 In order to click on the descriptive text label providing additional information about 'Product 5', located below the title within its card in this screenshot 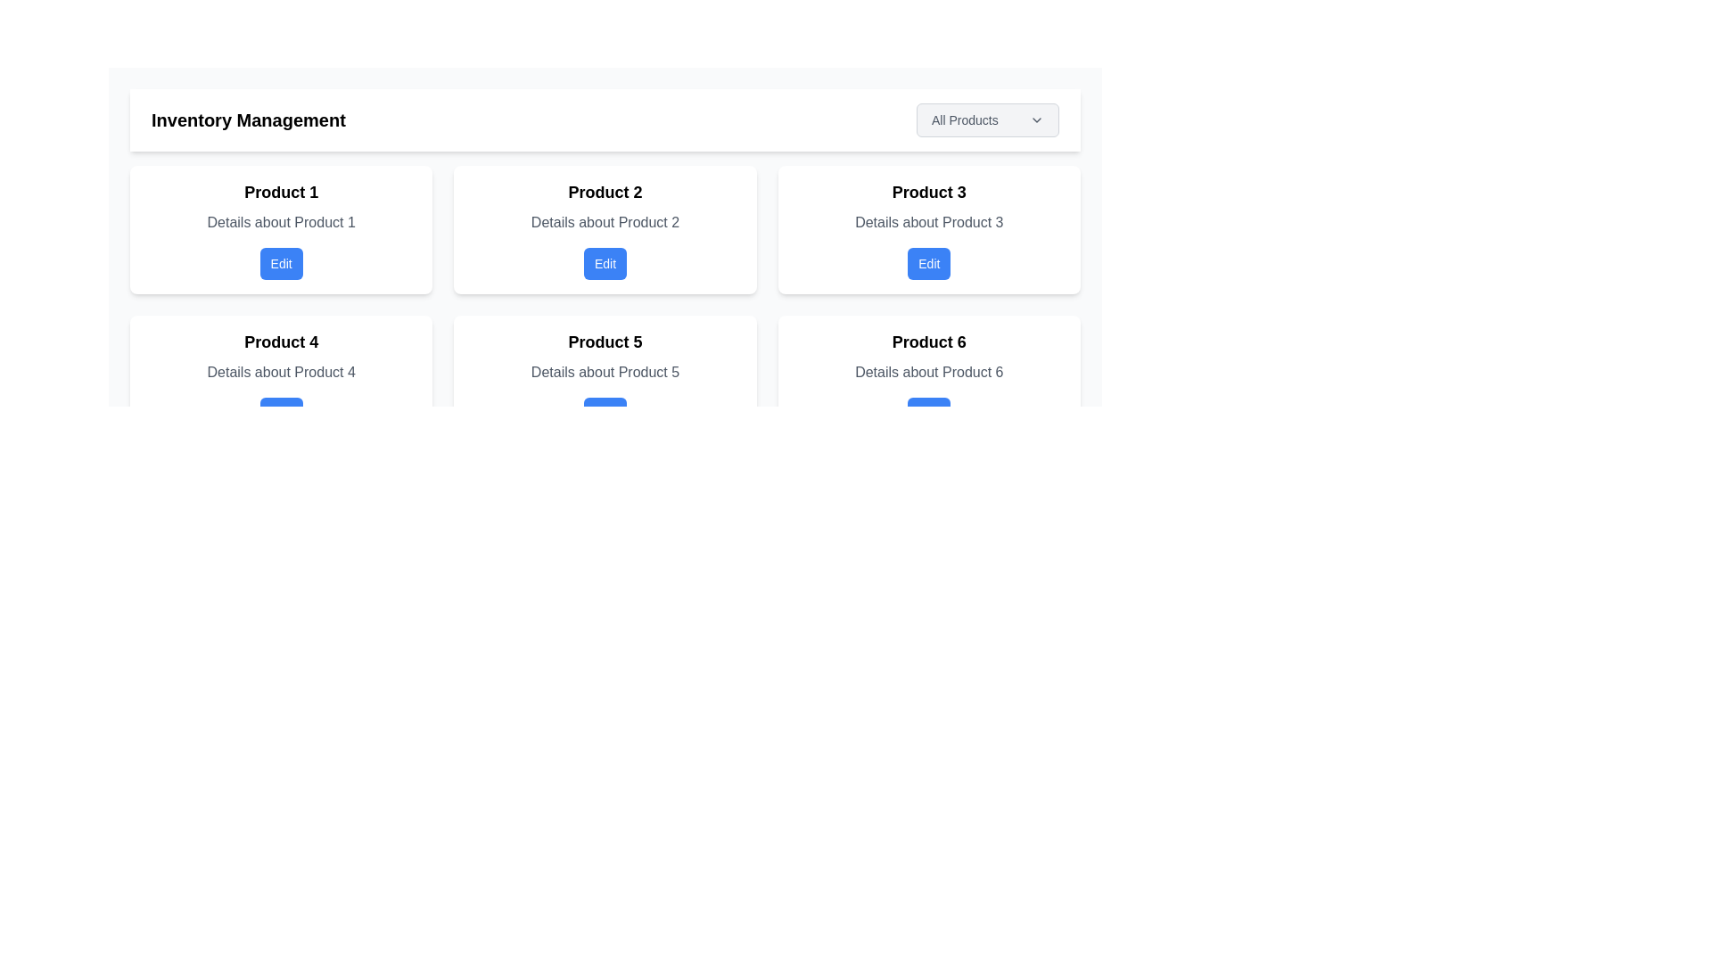, I will do `click(605, 371)`.